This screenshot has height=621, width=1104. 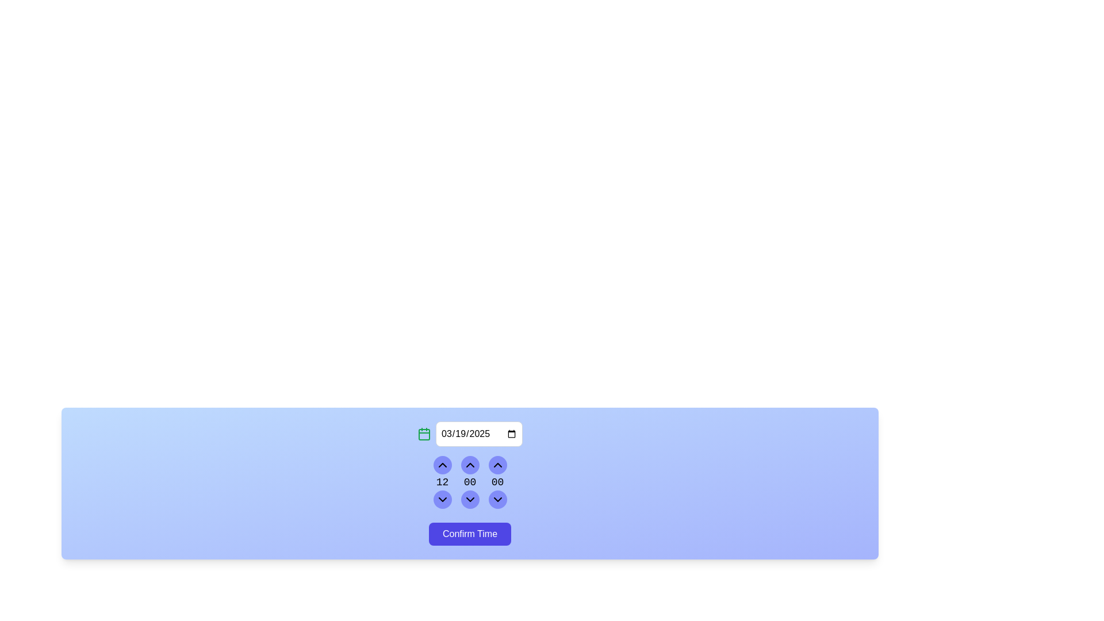 I want to click on the SVG icon representing a downward-pointing chevron located in the bottom-left section of the time adjustment interface, so click(x=442, y=499).